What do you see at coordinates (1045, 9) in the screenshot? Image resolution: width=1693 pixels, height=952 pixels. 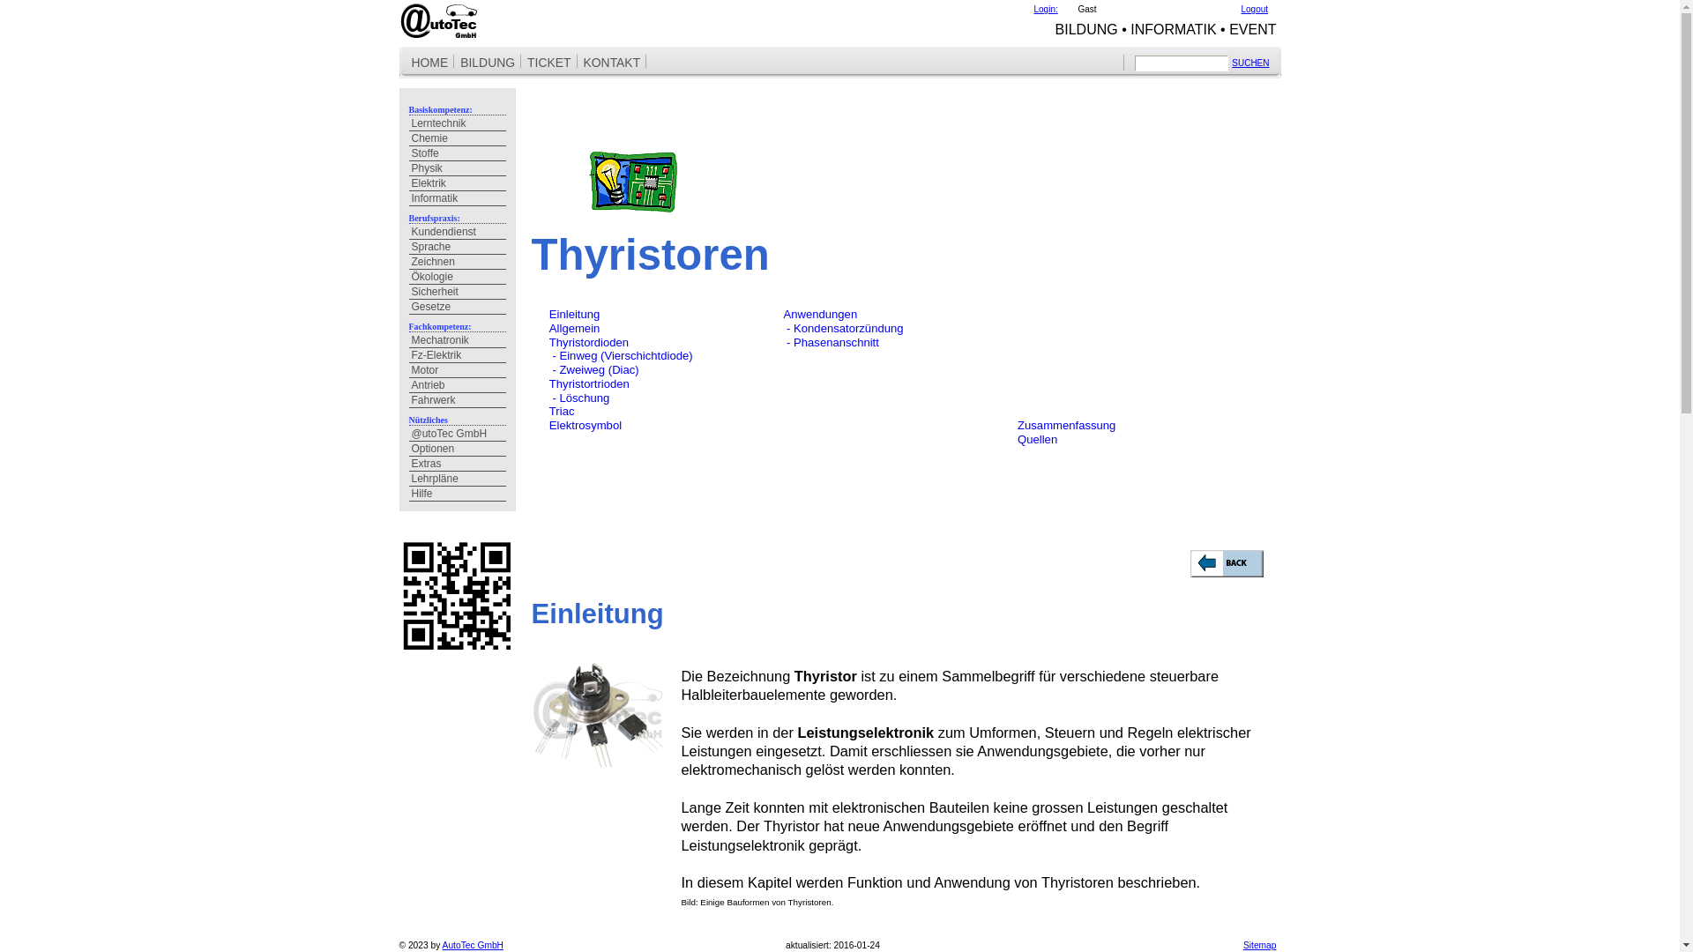 I see `'Login:'` at bounding box center [1045, 9].